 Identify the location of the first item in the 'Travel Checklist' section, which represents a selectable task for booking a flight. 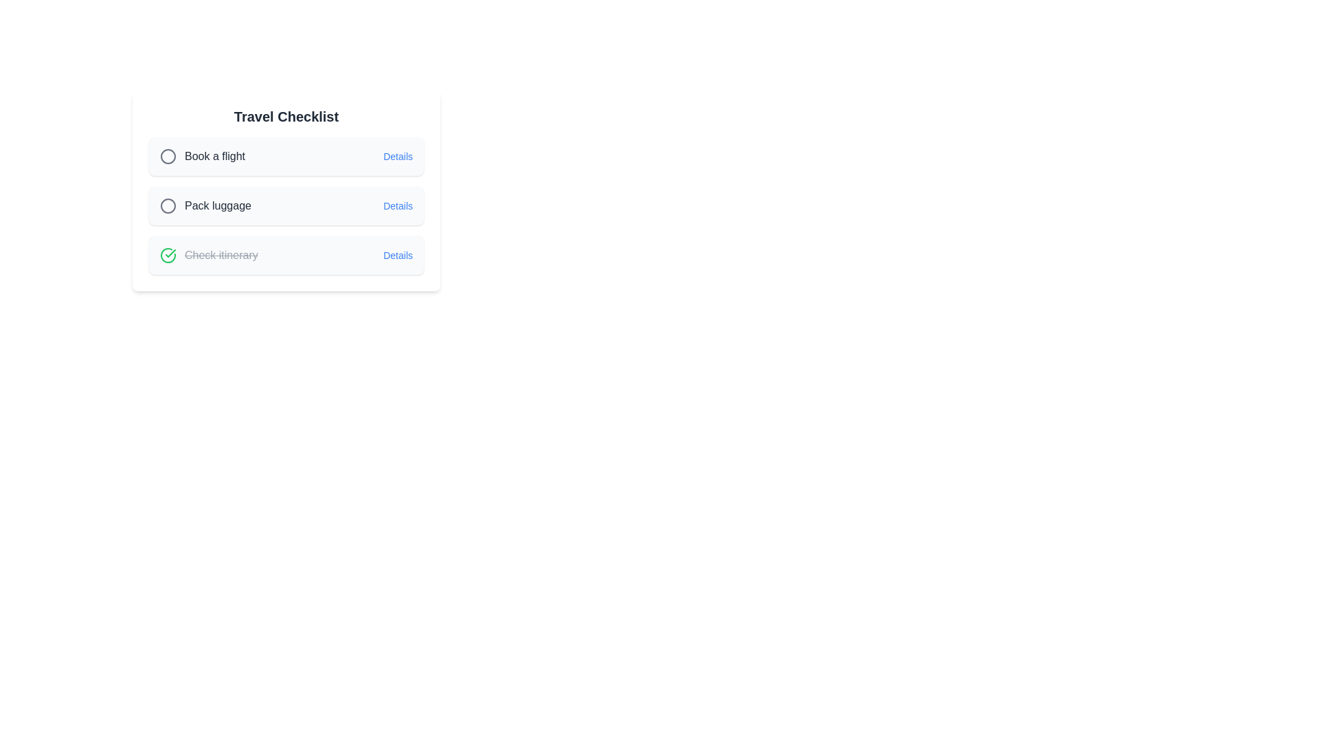
(286, 155).